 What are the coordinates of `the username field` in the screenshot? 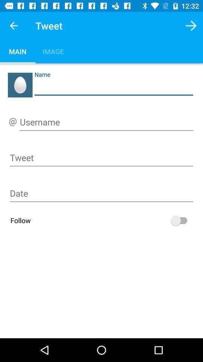 It's located at (106, 123).